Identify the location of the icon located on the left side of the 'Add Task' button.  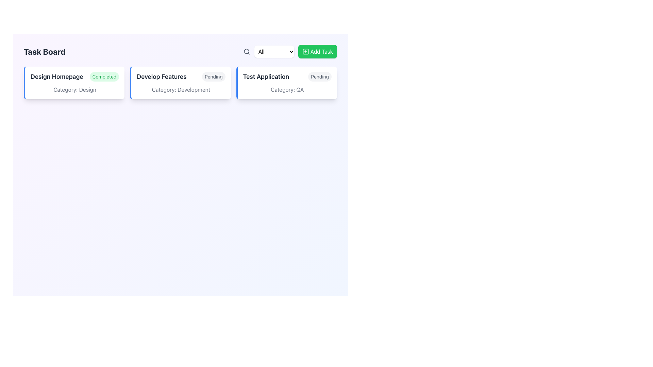
(305, 51).